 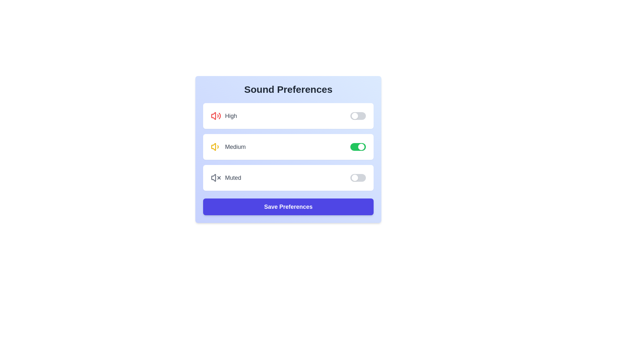 What do you see at coordinates (288, 89) in the screenshot?
I see `the 'Sound Preferences' title to select its text` at bounding box center [288, 89].